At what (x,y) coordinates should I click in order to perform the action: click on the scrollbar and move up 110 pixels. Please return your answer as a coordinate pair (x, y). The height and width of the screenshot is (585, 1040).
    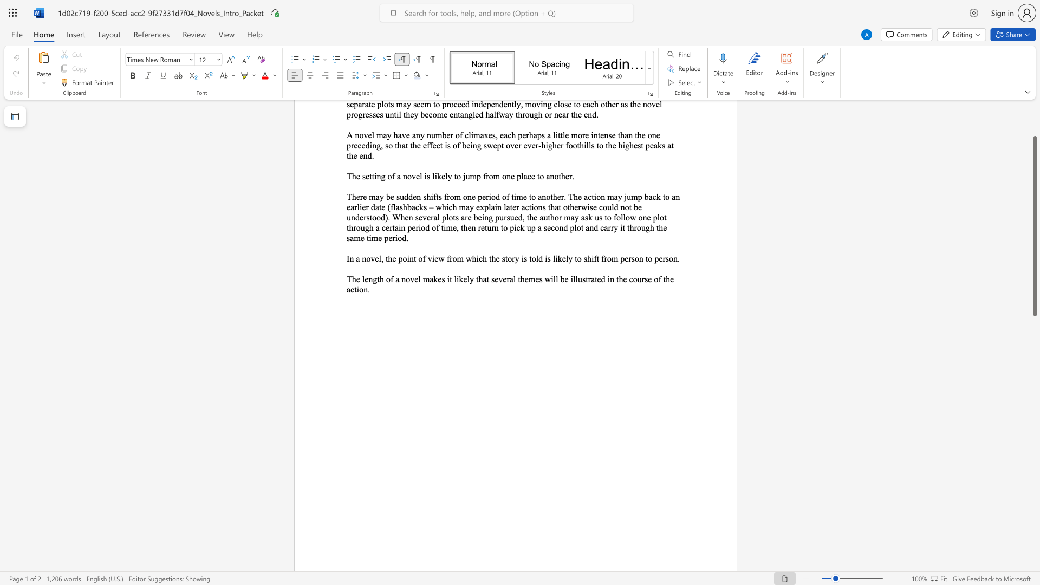
    Looking at the image, I should click on (1034, 225).